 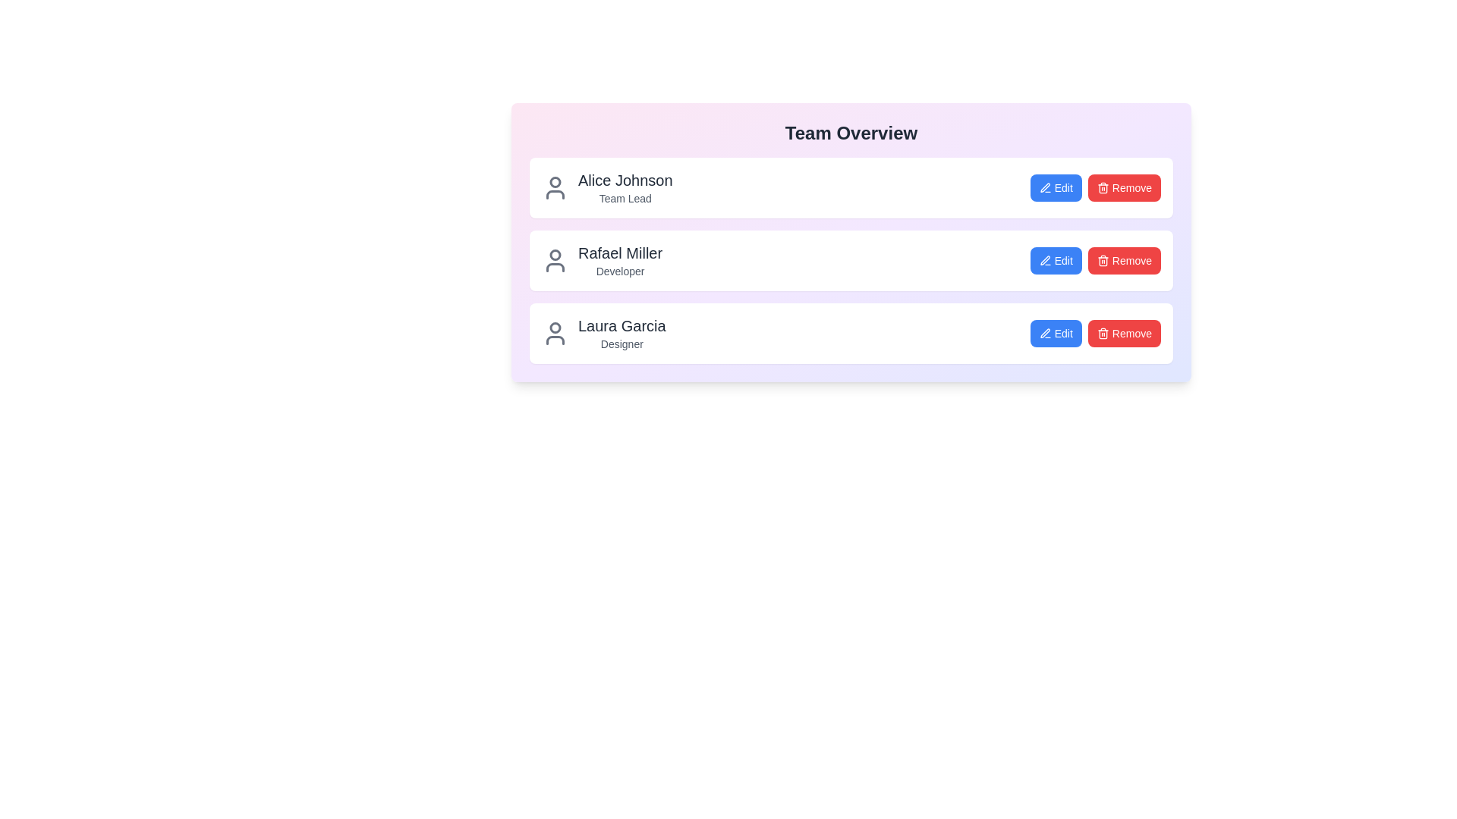 What do you see at coordinates (1124, 259) in the screenshot?
I see `'Remove' button for the team member Rafael Miller` at bounding box center [1124, 259].